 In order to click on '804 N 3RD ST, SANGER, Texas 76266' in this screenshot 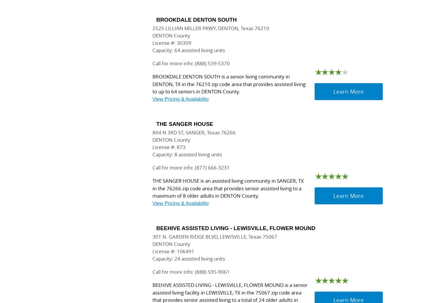, I will do `click(194, 132)`.